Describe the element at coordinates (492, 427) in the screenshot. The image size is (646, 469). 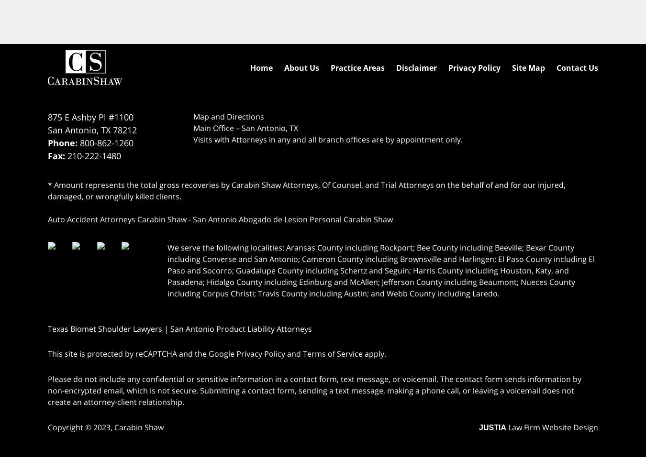
I see `'Justia'` at that location.